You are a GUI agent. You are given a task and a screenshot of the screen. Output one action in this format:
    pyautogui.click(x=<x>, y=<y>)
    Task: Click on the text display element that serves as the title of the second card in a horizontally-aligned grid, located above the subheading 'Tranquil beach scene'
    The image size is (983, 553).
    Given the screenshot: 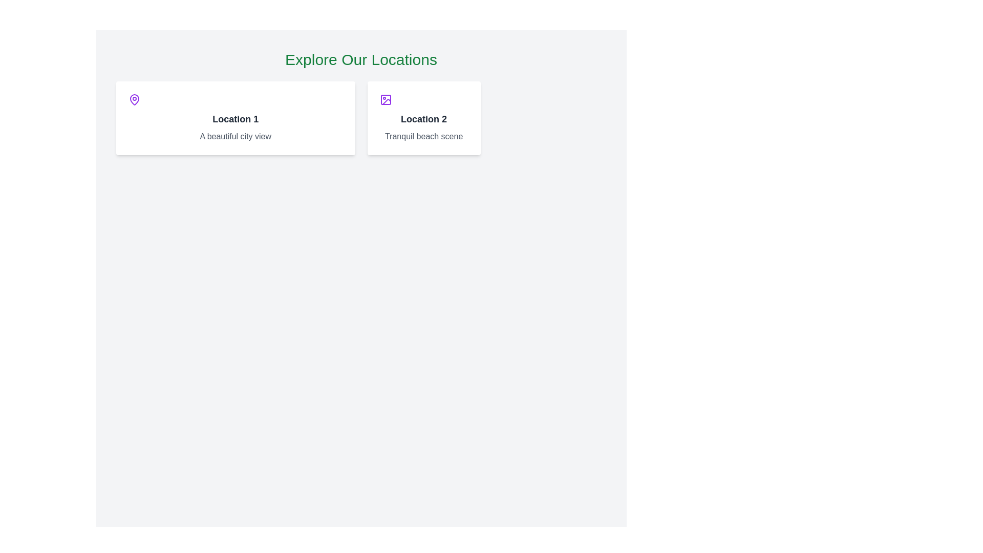 What is the action you would take?
    pyautogui.click(x=424, y=118)
    